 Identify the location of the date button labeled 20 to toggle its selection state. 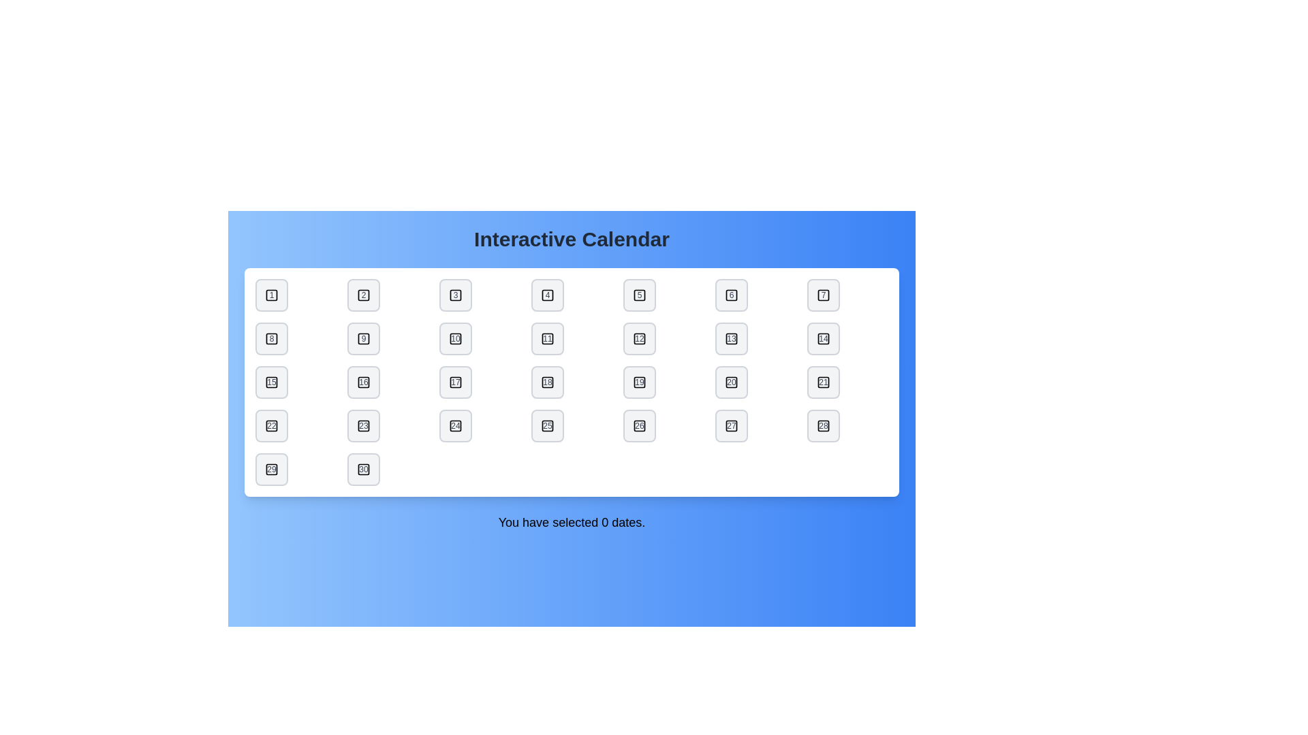
(731, 382).